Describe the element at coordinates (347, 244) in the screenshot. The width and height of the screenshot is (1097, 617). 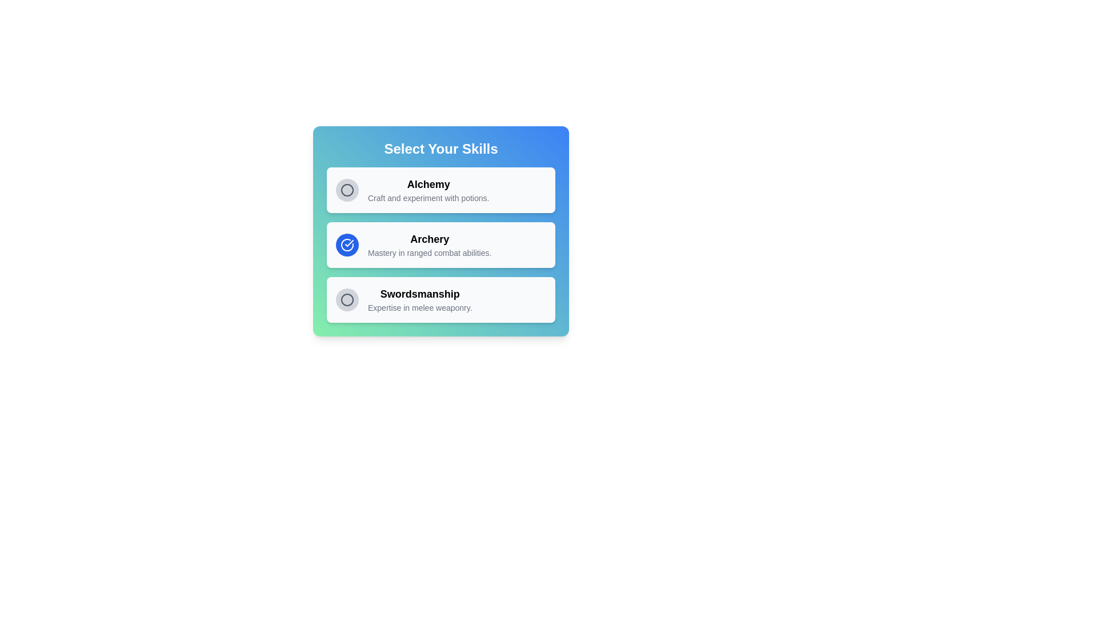
I see `the skill Archery` at that location.